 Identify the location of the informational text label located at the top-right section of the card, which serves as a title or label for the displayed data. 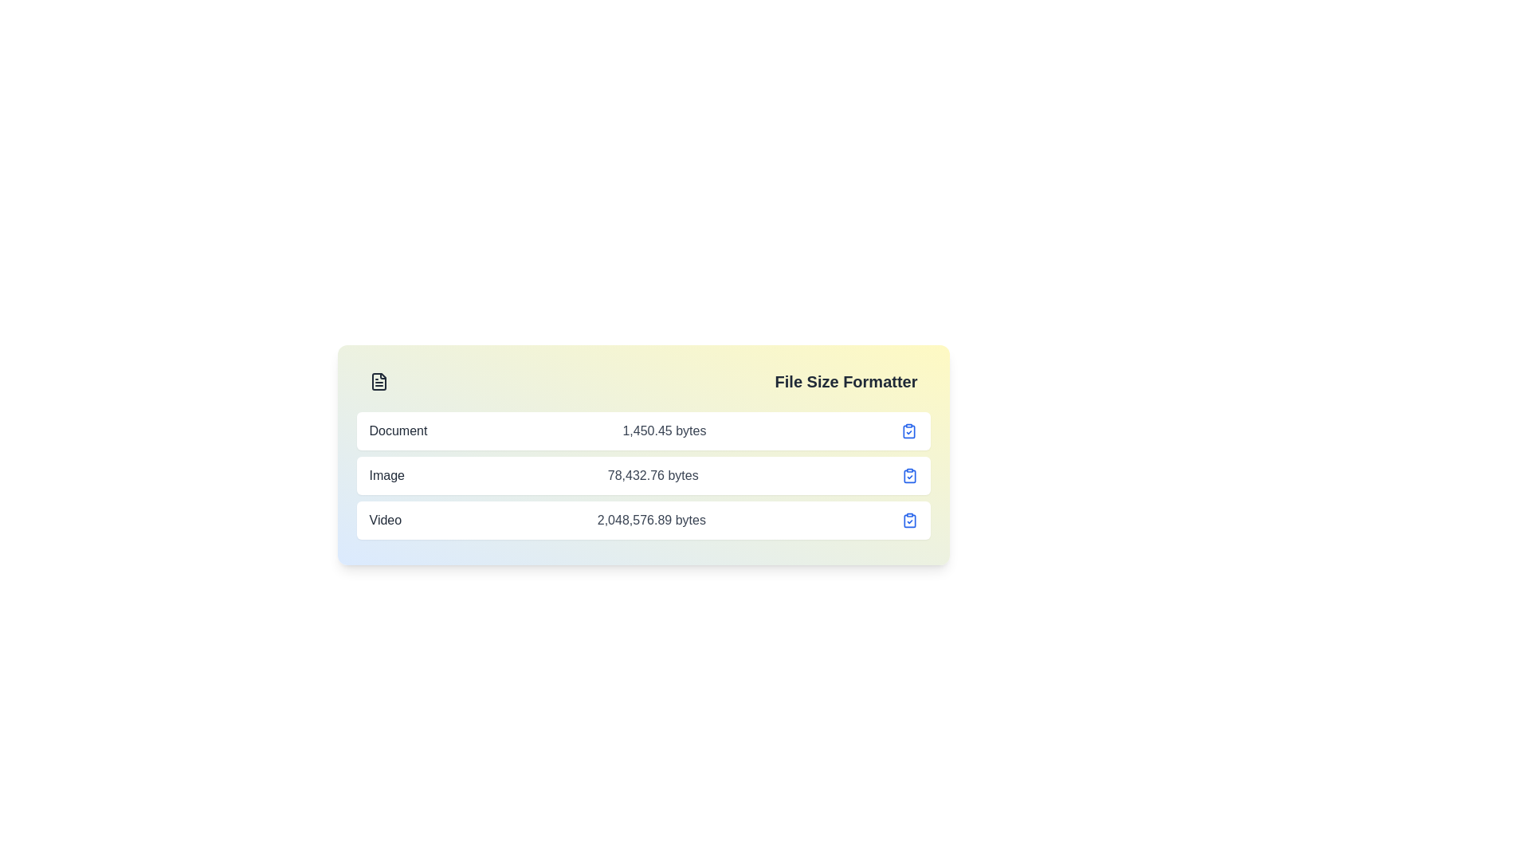
(845, 381).